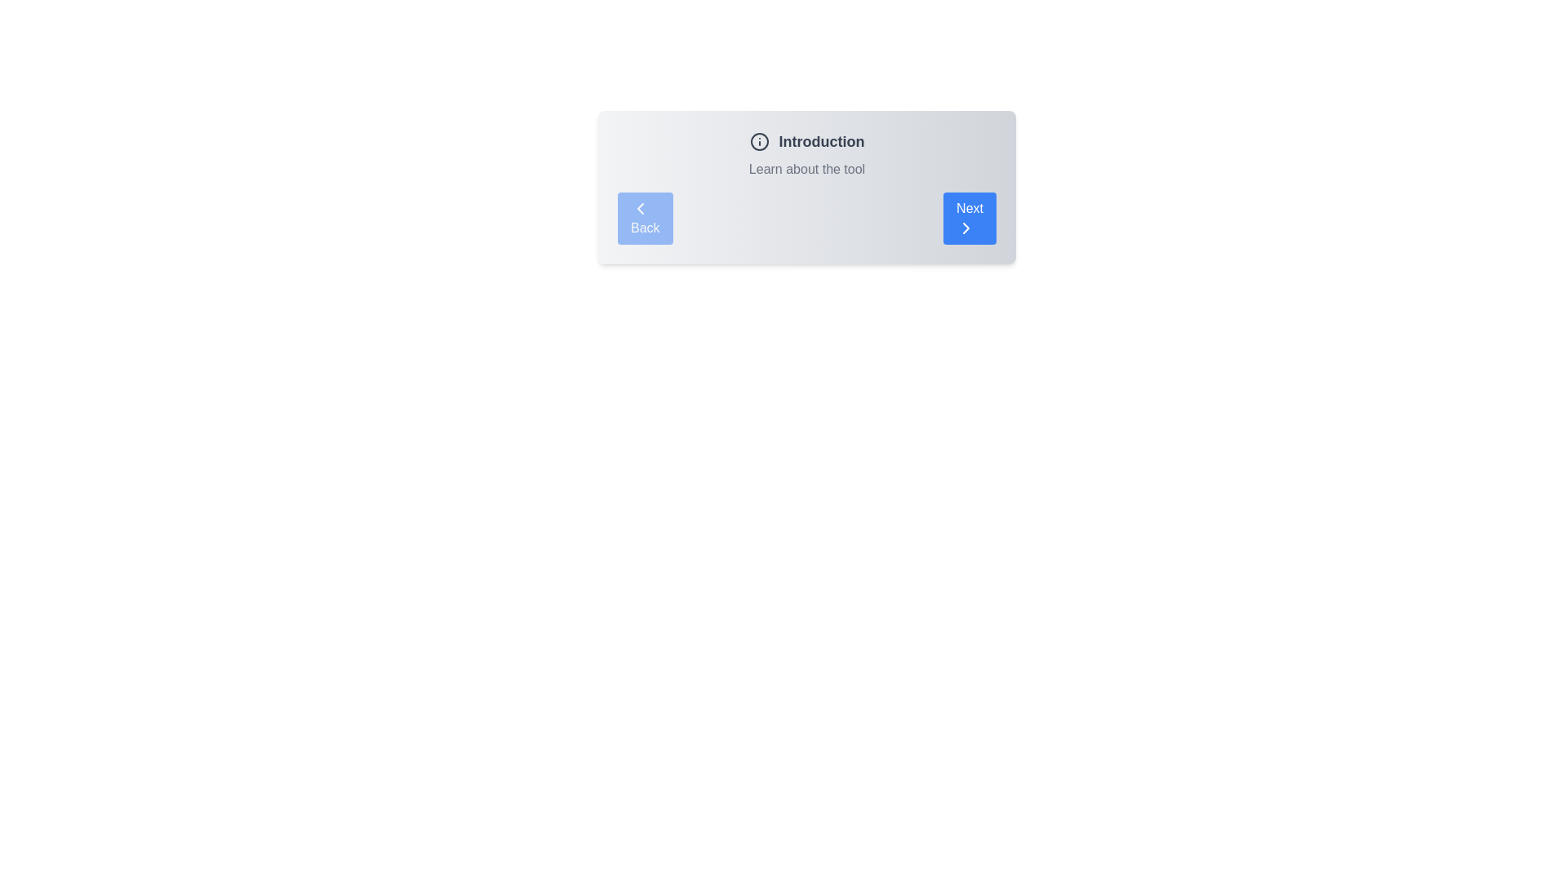  I want to click on the Descriptive Header displaying the title 'Introduction' and the text 'Learn about the tool' by moving the cursor to its center, so click(806, 154).